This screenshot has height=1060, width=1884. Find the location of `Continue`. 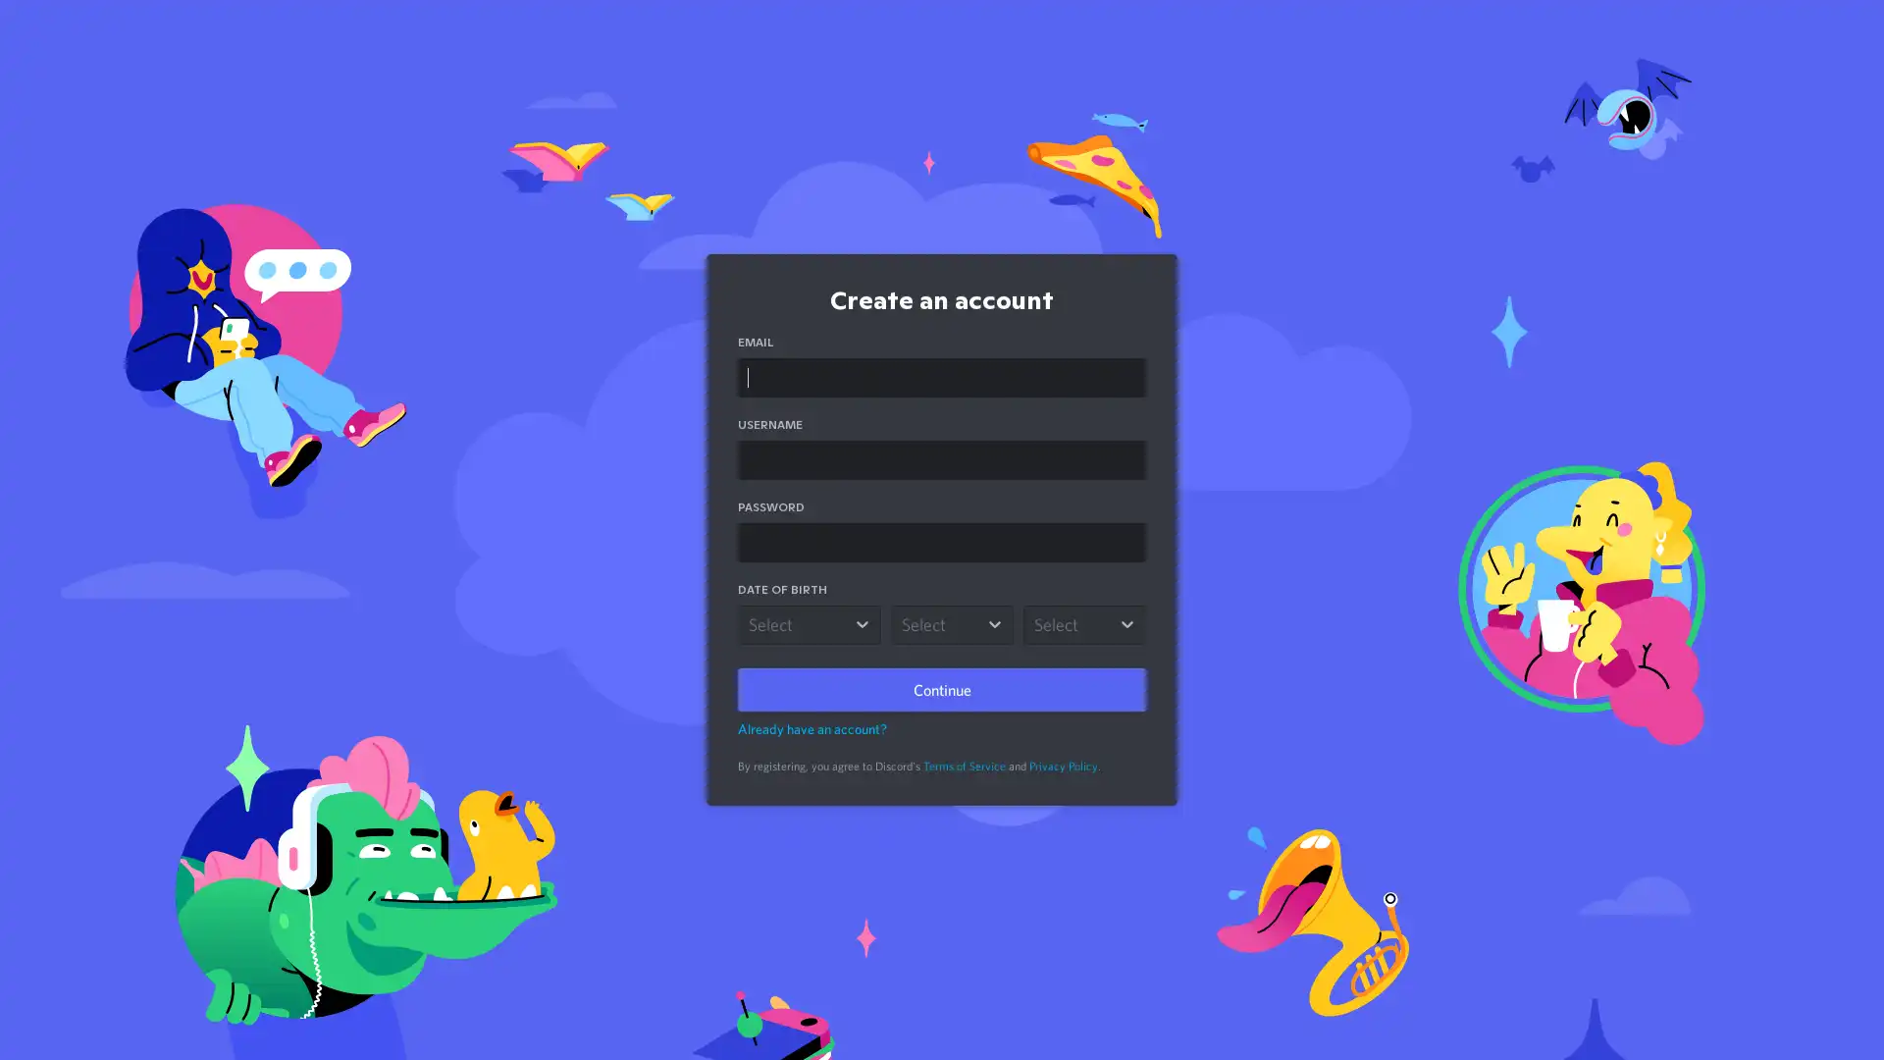

Continue is located at coordinates (942, 688).